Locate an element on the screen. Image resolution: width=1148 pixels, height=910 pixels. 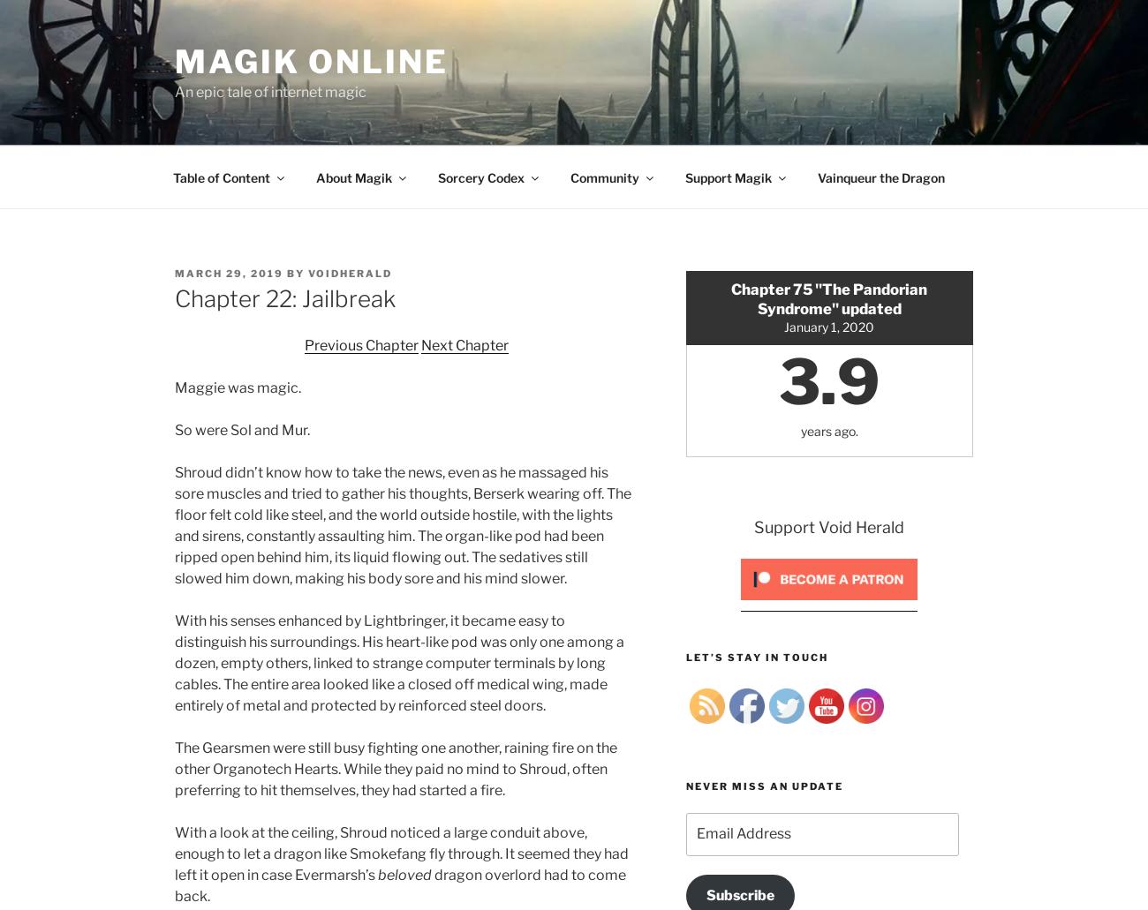
'March 29, 2019' is located at coordinates (228, 273).